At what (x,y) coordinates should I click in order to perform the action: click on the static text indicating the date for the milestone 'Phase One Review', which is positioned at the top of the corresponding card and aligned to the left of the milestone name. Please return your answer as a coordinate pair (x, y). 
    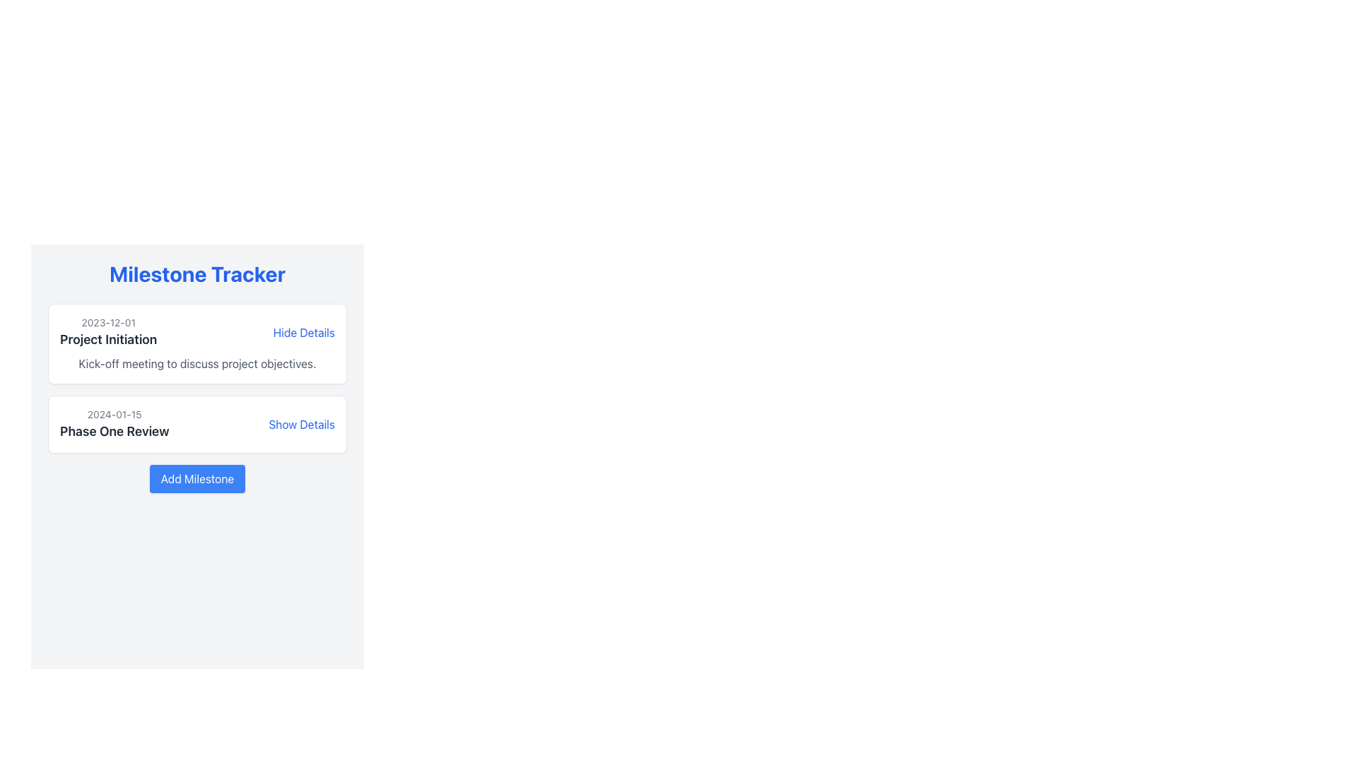
    Looking at the image, I should click on (114, 413).